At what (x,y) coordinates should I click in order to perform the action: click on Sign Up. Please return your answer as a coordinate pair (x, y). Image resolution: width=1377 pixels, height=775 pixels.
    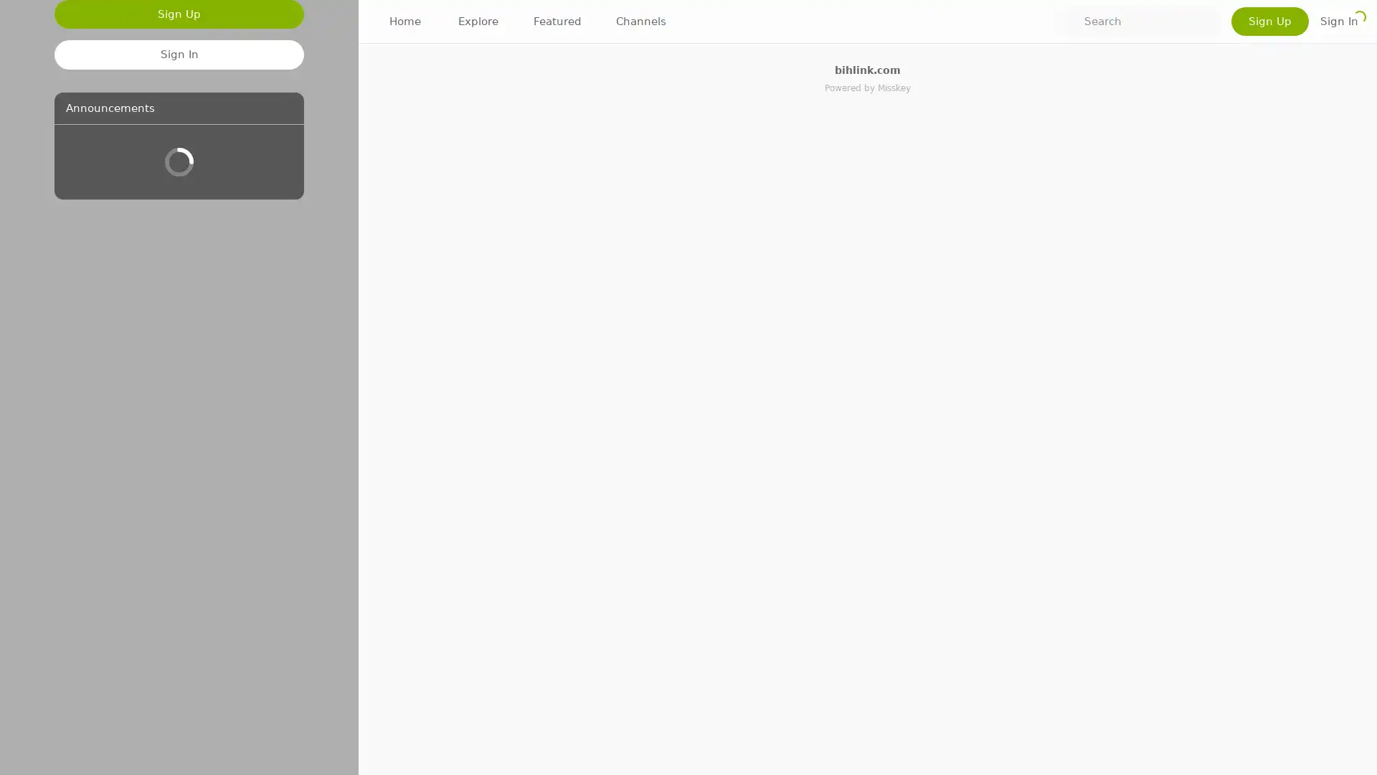
    Looking at the image, I should click on (178, 152).